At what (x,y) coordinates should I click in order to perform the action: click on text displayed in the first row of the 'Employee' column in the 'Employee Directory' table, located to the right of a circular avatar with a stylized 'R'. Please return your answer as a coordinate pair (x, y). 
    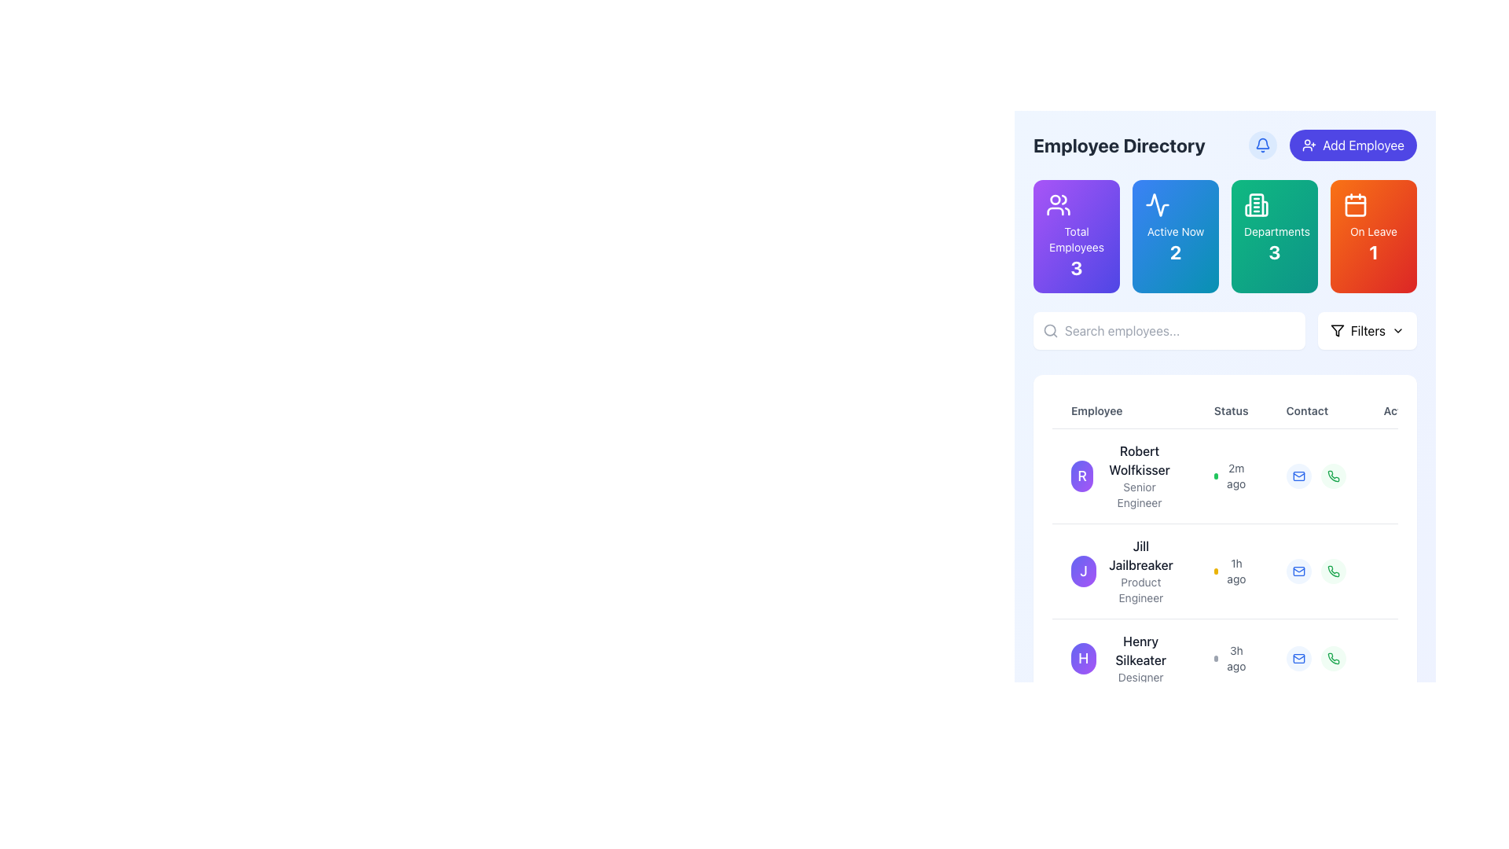
    Looking at the image, I should click on (1139, 475).